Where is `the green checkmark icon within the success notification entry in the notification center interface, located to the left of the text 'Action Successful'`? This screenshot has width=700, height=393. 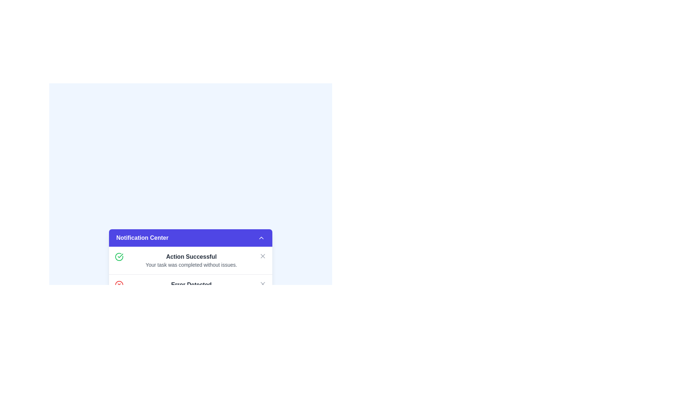 the green checkmark icon within the success notification entry in the notification center interface, located to the left of the text 'Action Successful' is located at coordinates (120, 255).